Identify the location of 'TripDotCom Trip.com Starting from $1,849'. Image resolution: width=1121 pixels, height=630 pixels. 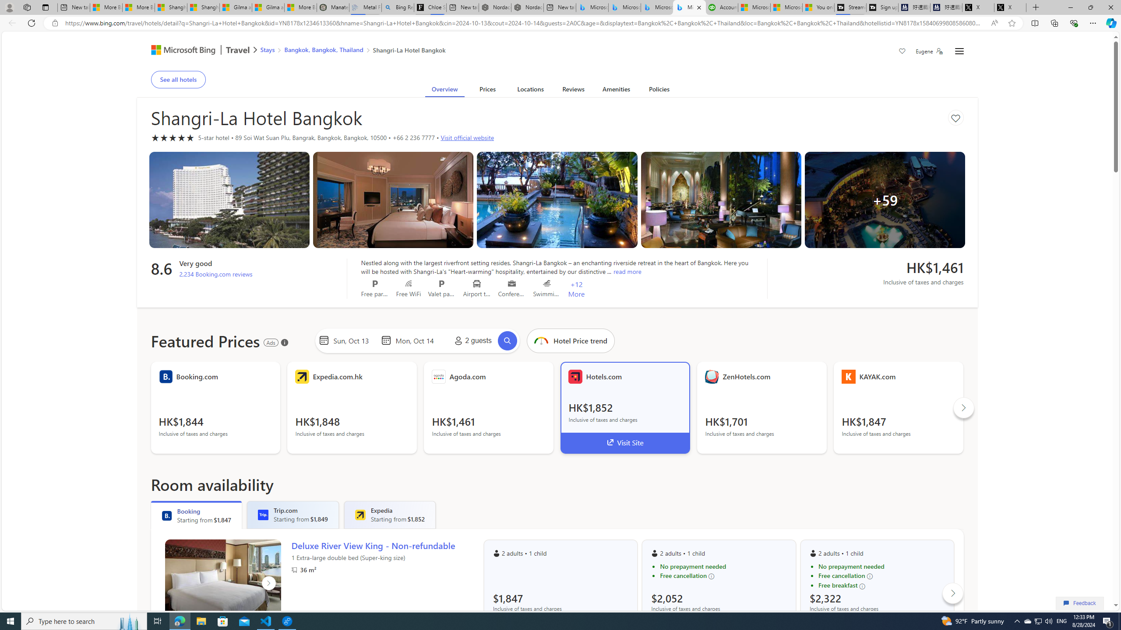
(293, 514).